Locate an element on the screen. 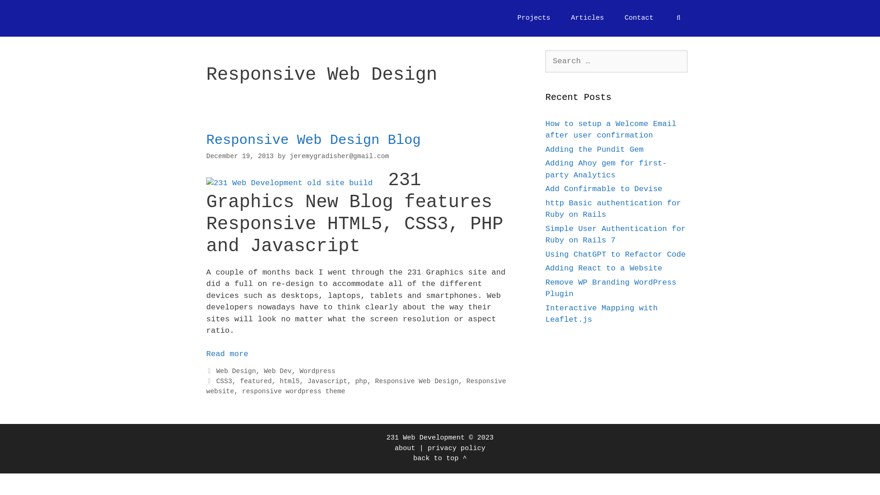 This screenshot has width=880, height=495. 'How to setup a Welcome Email after user confirmation' is located at coordinates (611, 129).